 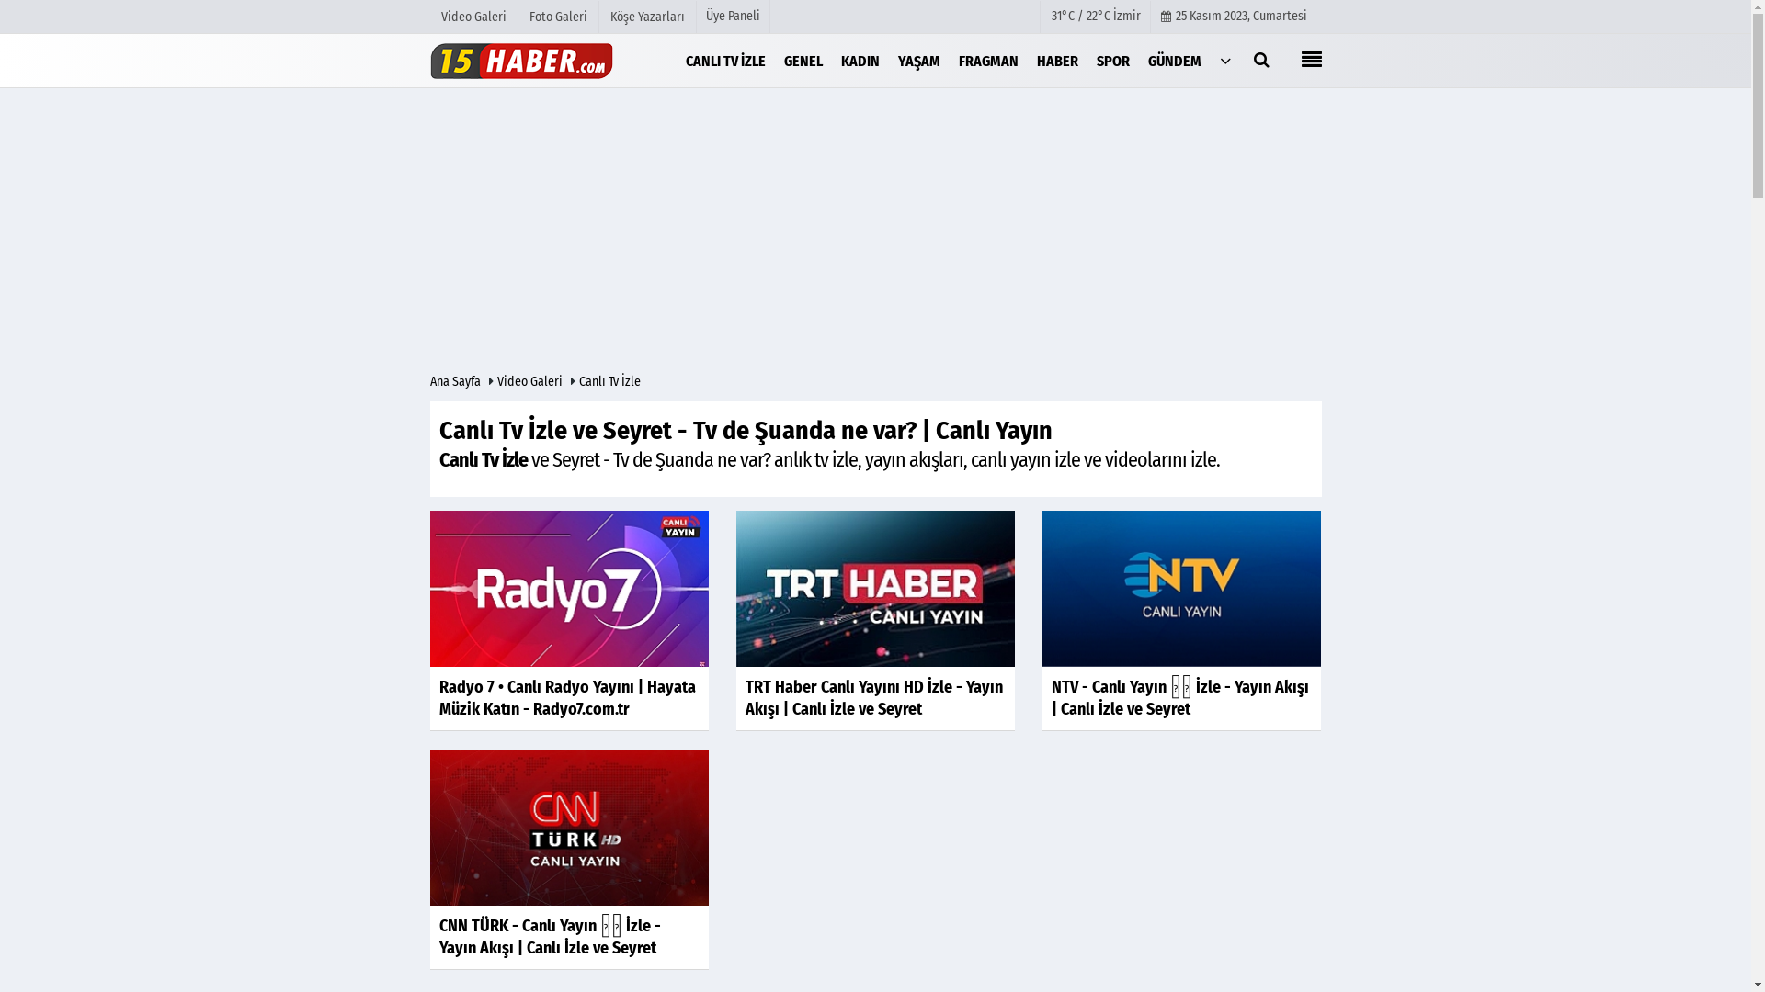 What do you see at coordinates (1111, 59) in the screenshot?
I see `'SPOR'` at bounding box center [1111, 59].